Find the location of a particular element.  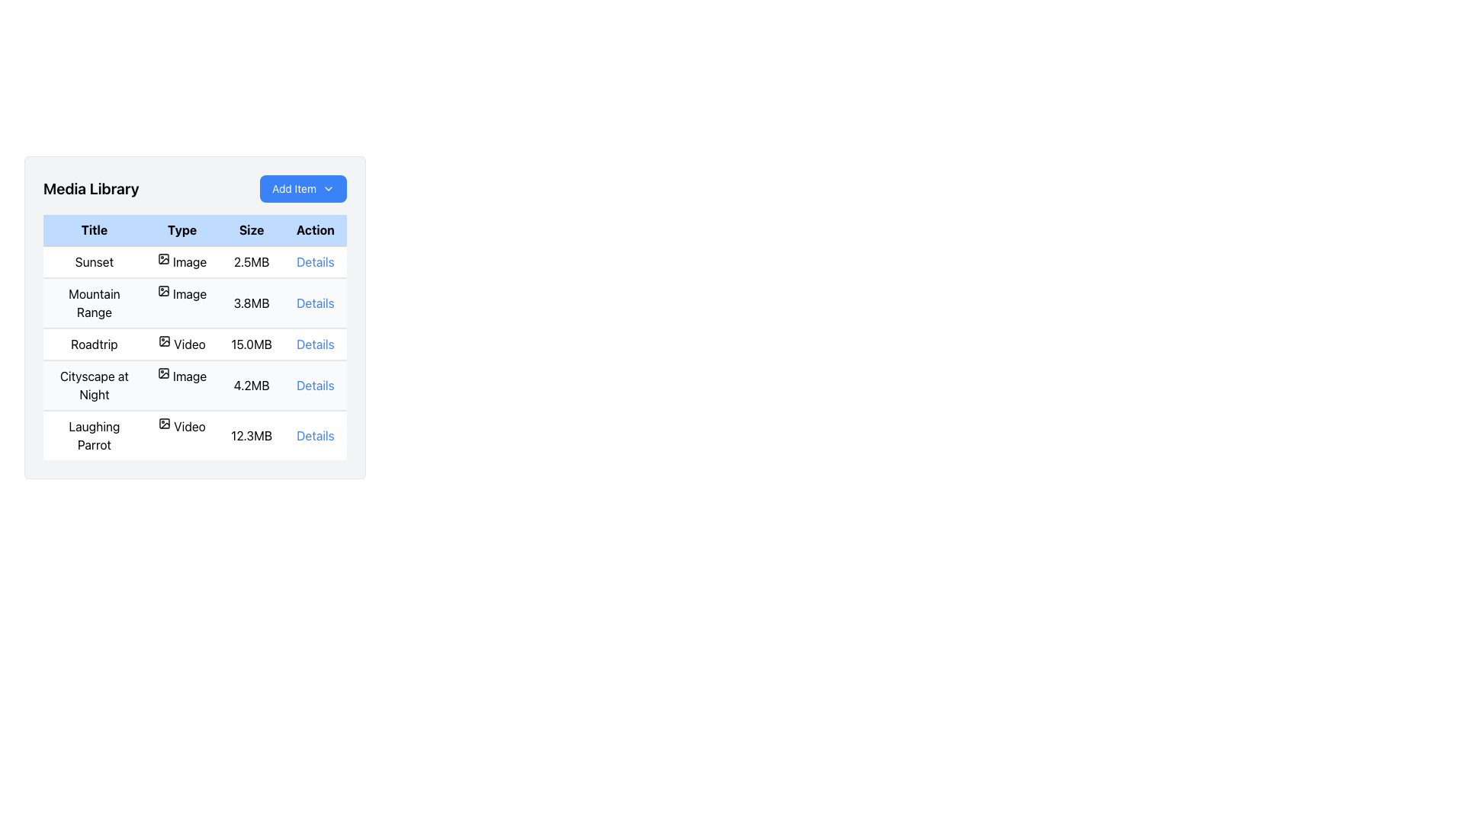

the text label indicating the media file type 'Image' located in the row for 'Cityscape at Night' under the 'Type' column is located at coordinates (182, 376).